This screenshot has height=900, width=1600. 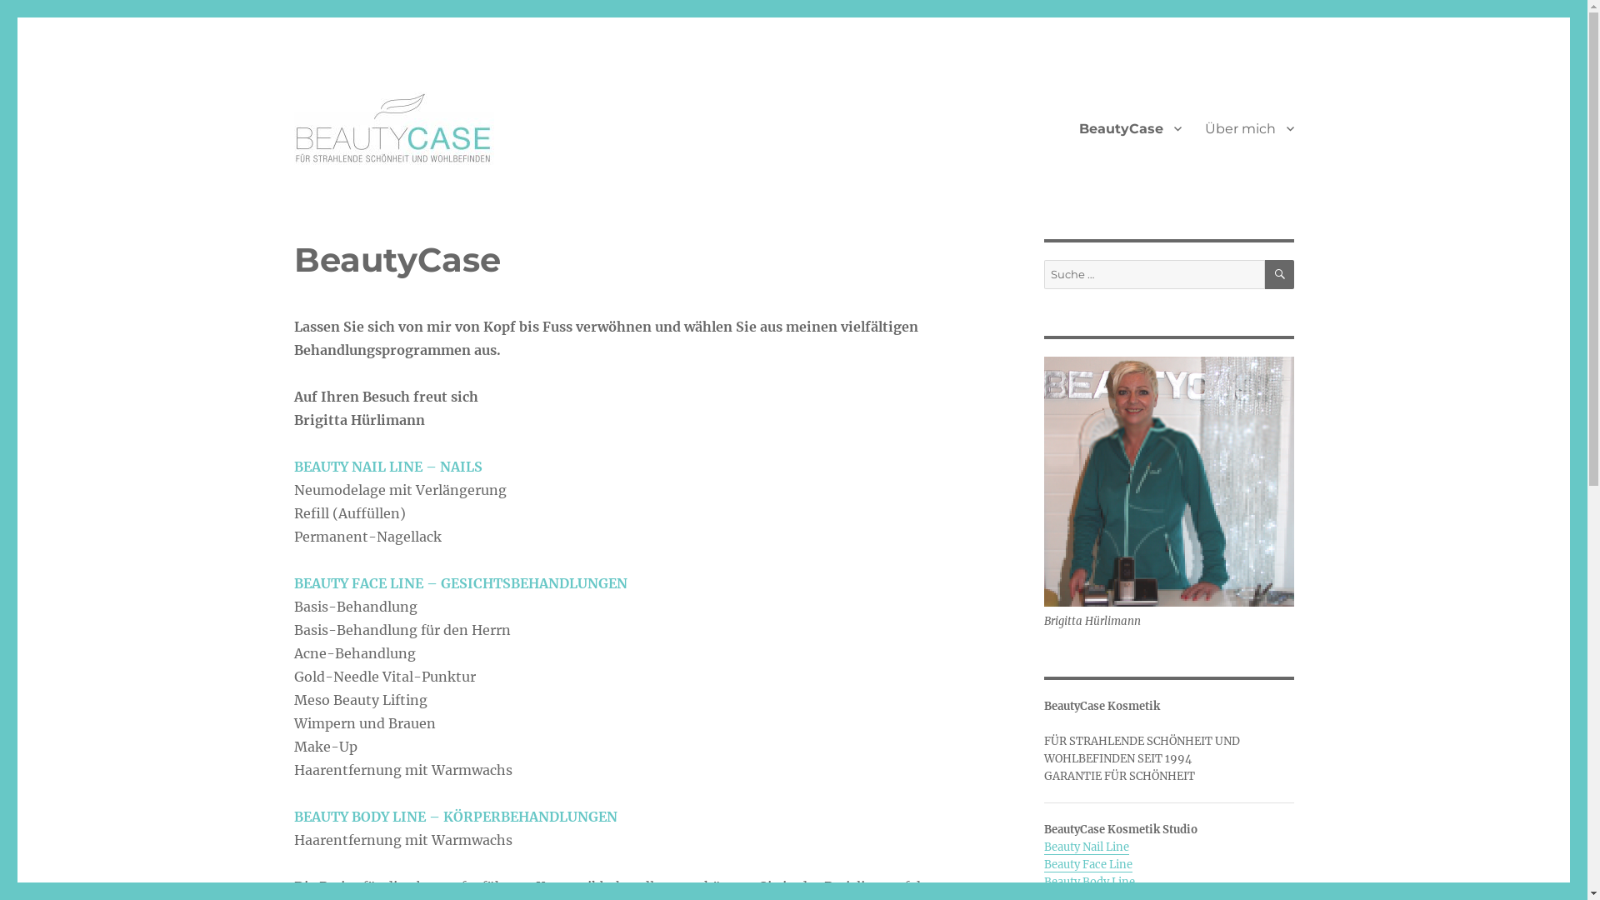 What do you see at coordinates (1129, 127) in the screenshot?
I see `'BeautyCase'` at bounding box center [1129, 127].